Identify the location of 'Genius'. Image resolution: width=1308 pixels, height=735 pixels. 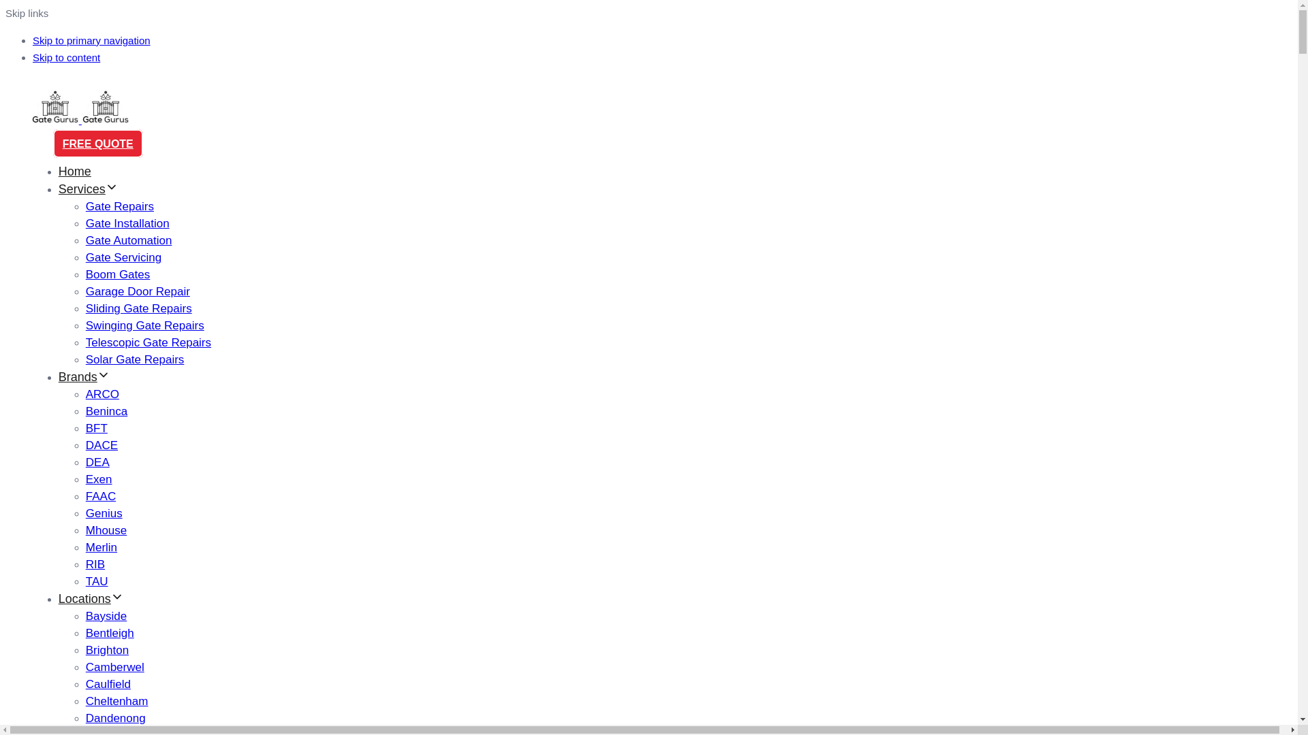
(104, 513).